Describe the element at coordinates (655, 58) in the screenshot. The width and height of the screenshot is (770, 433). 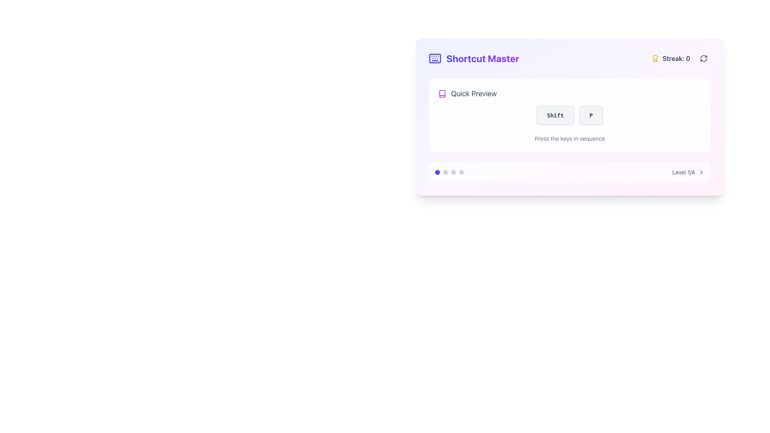
I see `the yellow award ribbon icon located immediately to the left of the text 'Streak: 0' in the top-right corner of the interface` at that location.